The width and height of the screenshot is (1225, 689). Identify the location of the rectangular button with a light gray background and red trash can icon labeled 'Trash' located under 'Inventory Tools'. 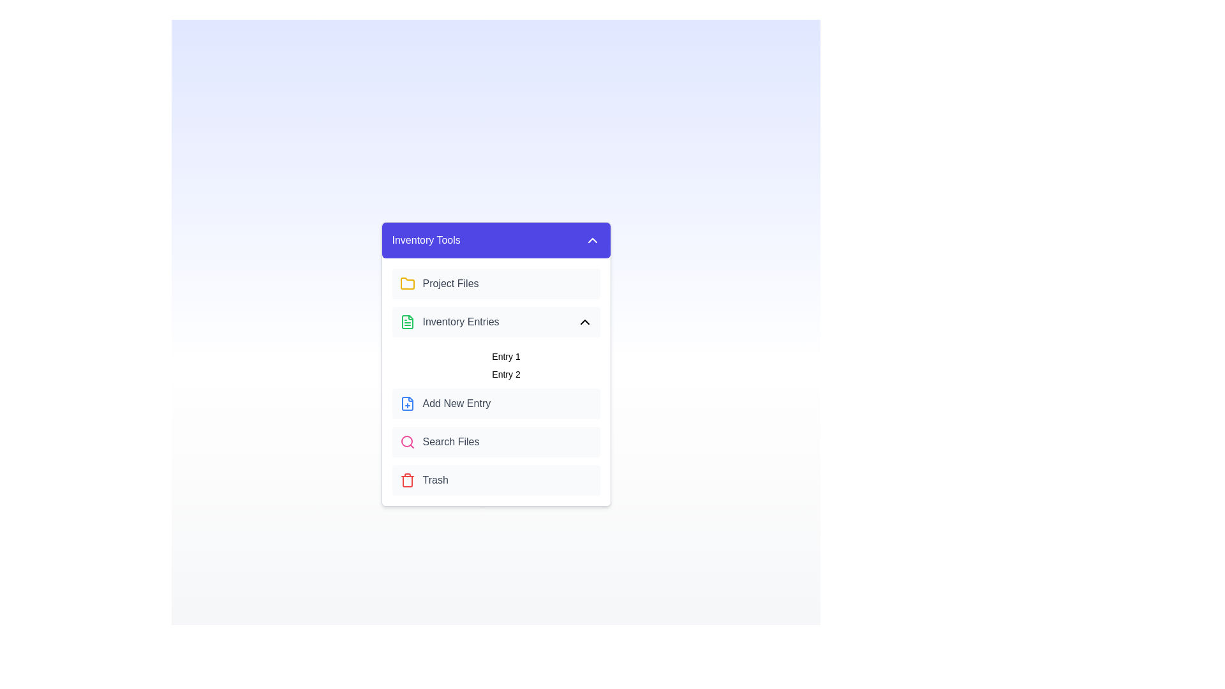
(495, 480).